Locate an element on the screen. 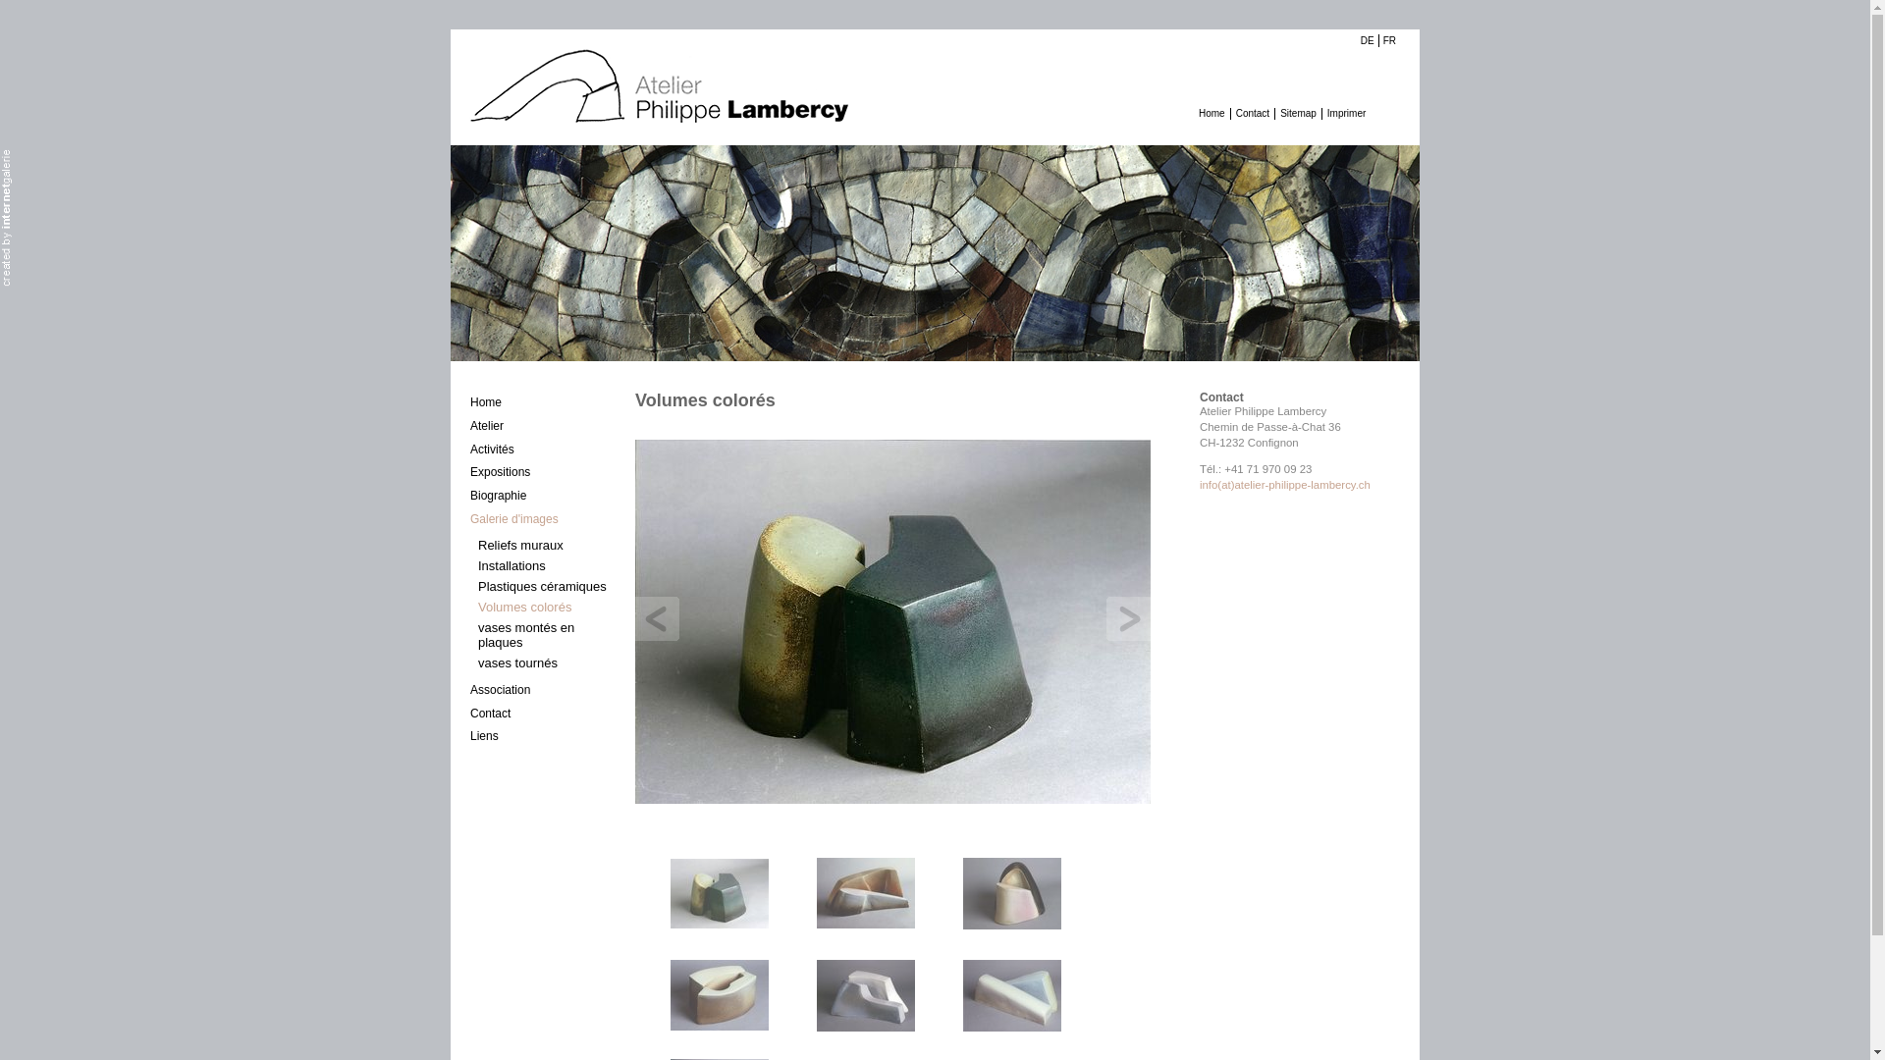 The height and width of the screenshot is (1060, 1885). 'Atelier Philippe Lambercy' is located at coordinates (659, 89).